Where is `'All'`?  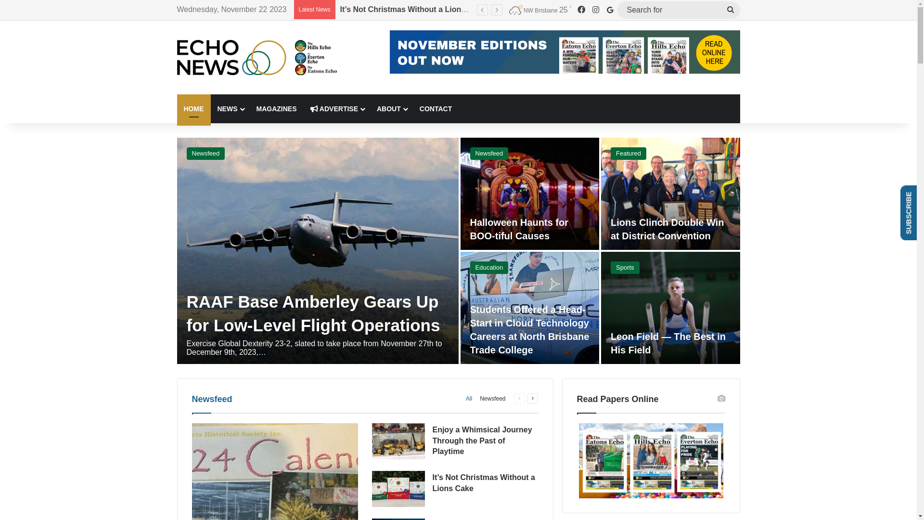 'All' is located at coordinates (469, 399).